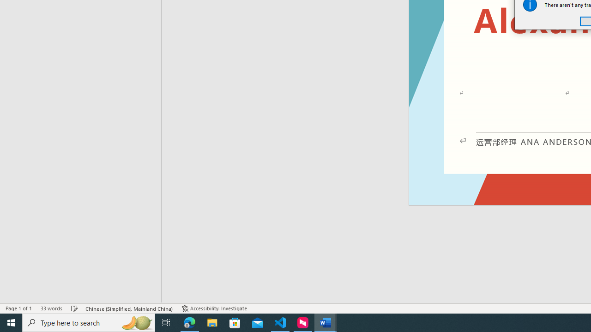 The height and width of the screenshot is (332, 591). What do you see at coordinates (18, 308) in the screenshot?
I see `'Page Number Page 1 of 1'` at bounding box center [18, 308].